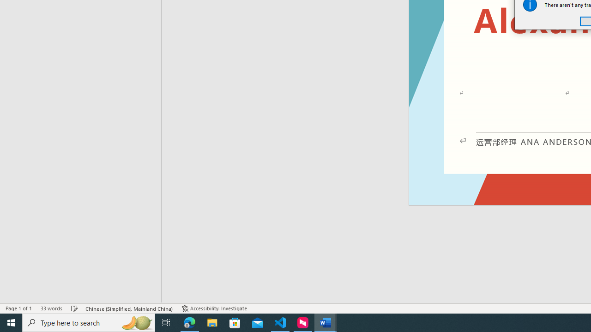 The height and width of the screenshot is (332, 591). What do you see at coordinates (18, 308) in the screenshot?
I see `'Page Number Page 1 of 1'` at bounding box center [18, 308].